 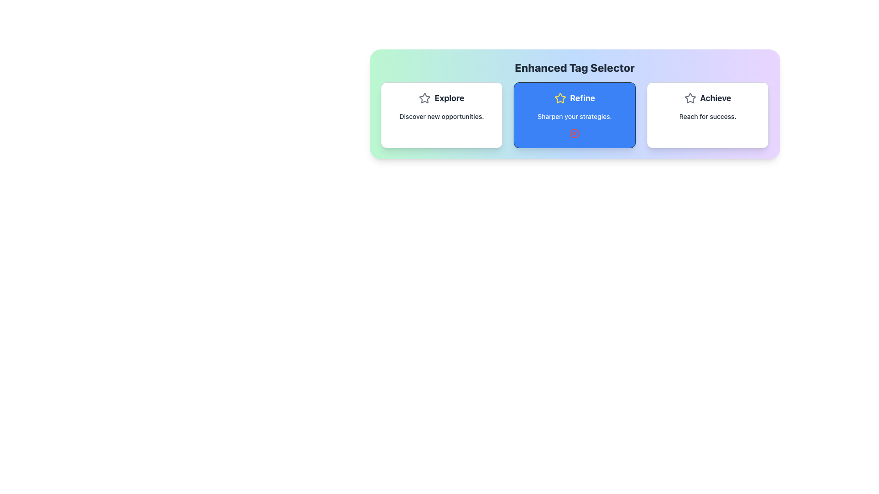 What do you see at coordinates (707, 98) in the screenshot?
I see `the 'Achieve' section title and icon, which is located in the third panel from the left, near the subtitle 'Reach for success'` at bounding box center [707, 98].